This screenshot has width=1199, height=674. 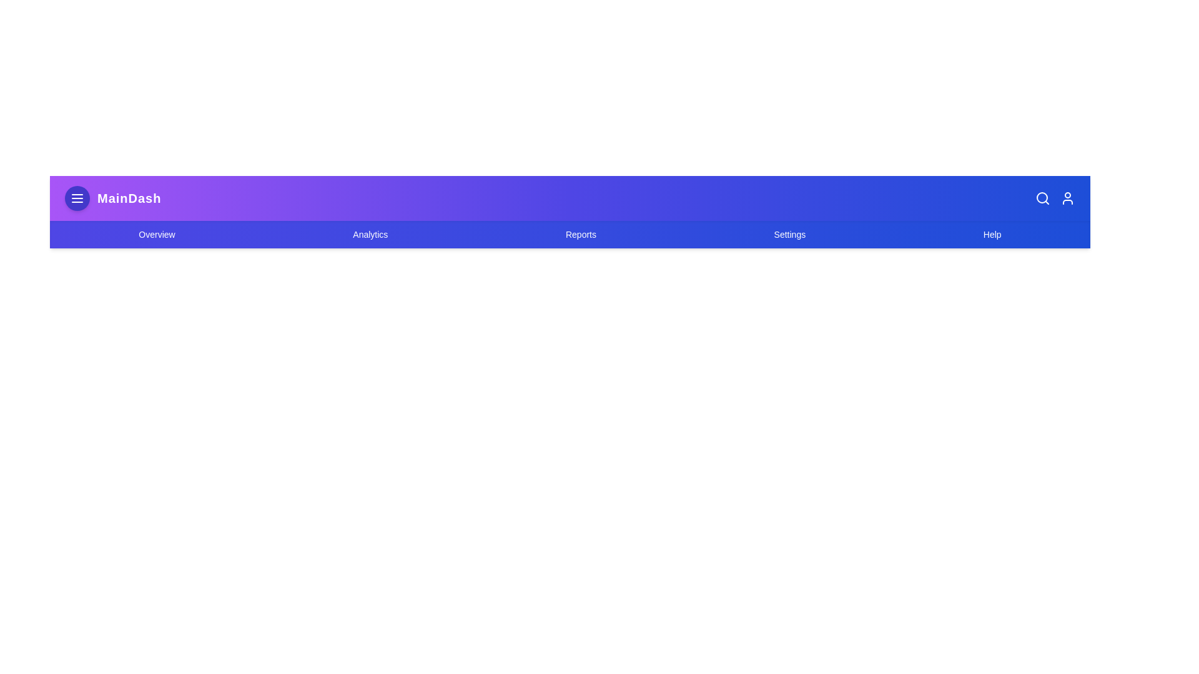 What do you see at coordinates (370, 234) in the screenshot?
I see `the navigation link Analytics to navigate to its respective section` at bounding box center [370, 234].